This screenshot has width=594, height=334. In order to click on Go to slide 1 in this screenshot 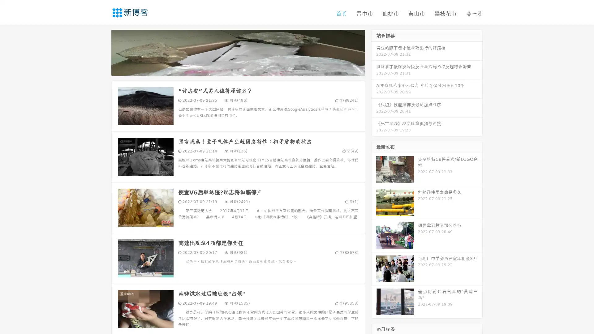, I will do `click(231, 70)`.